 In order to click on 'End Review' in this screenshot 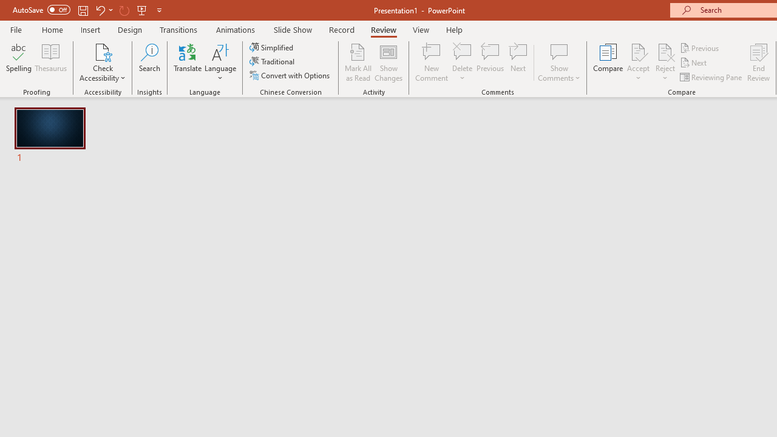, I will do `click(758, 63)`.